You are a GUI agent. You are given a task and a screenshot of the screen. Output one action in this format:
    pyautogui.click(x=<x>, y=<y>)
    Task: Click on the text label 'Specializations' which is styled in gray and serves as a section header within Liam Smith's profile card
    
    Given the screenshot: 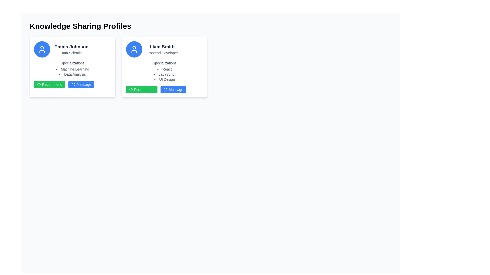 What is the action you would take?
    pyautogui.click(x=165, y=63)
    